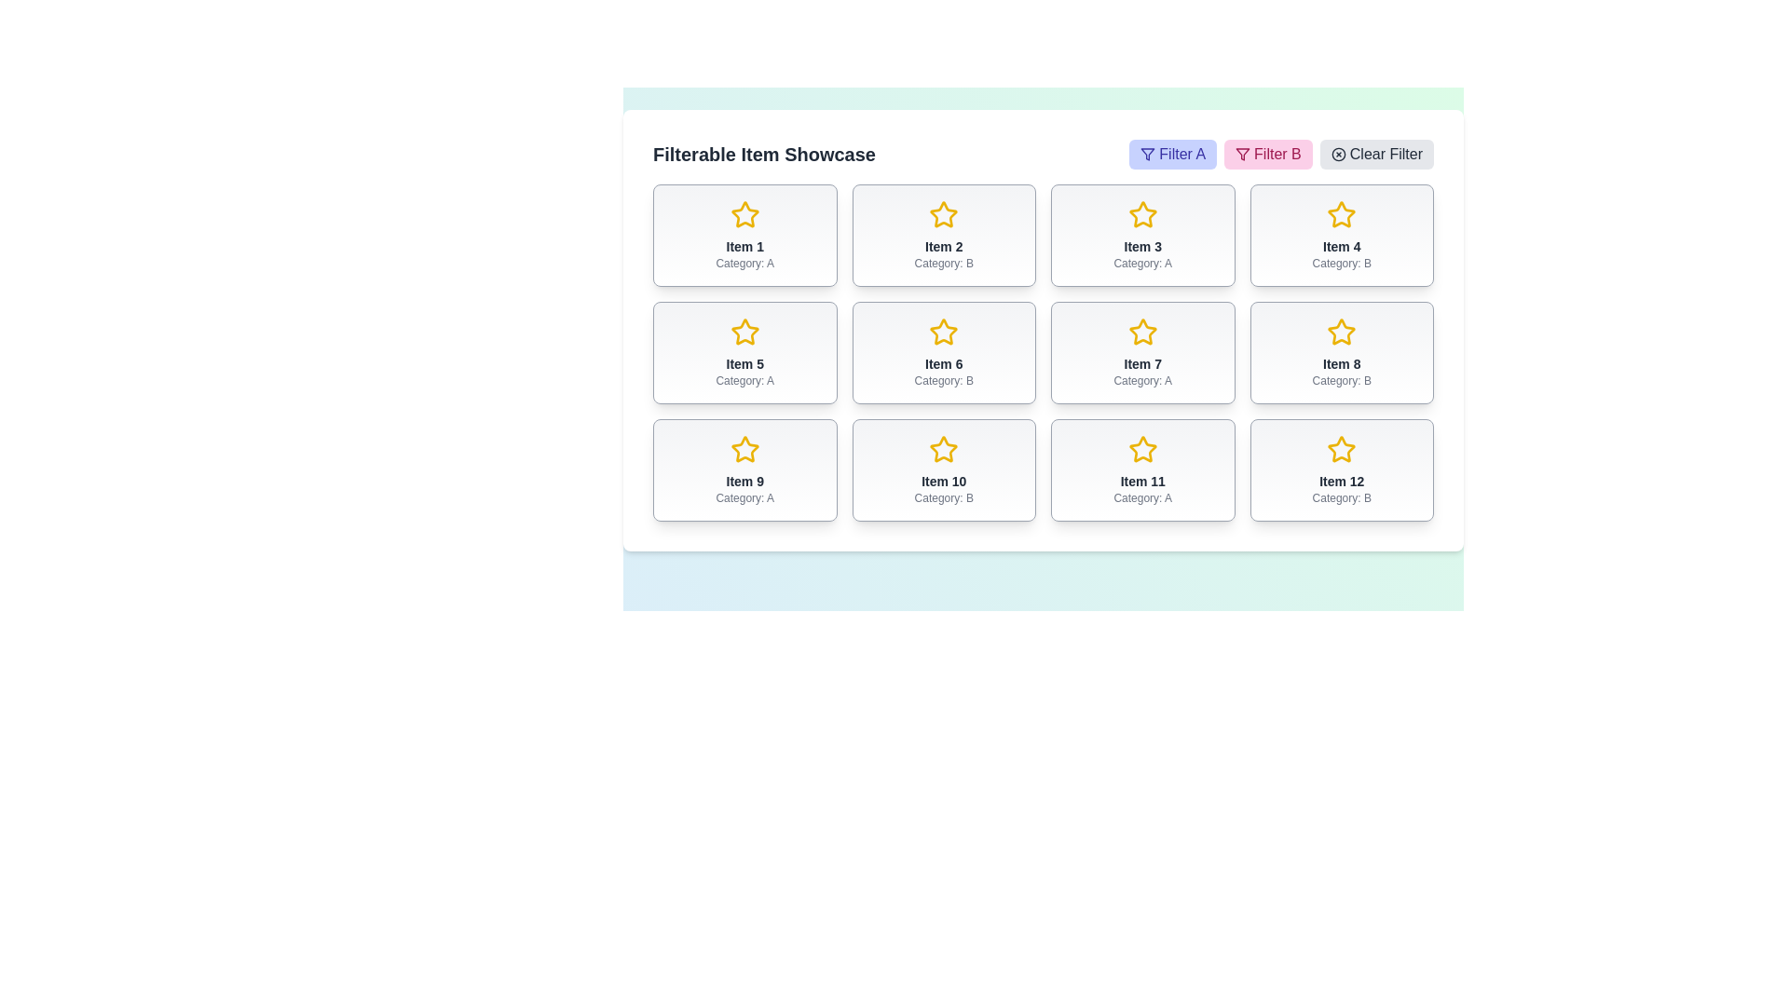 Image resolution: width=1789 pixels, height=1006 pixels. Describe the element at coordinates (944, 352) in the screenshot. I see `the Information Card featuring a star icon with text 'Item 6' and 'Category: B', located in the second row and third column of a grid layout` at that location.